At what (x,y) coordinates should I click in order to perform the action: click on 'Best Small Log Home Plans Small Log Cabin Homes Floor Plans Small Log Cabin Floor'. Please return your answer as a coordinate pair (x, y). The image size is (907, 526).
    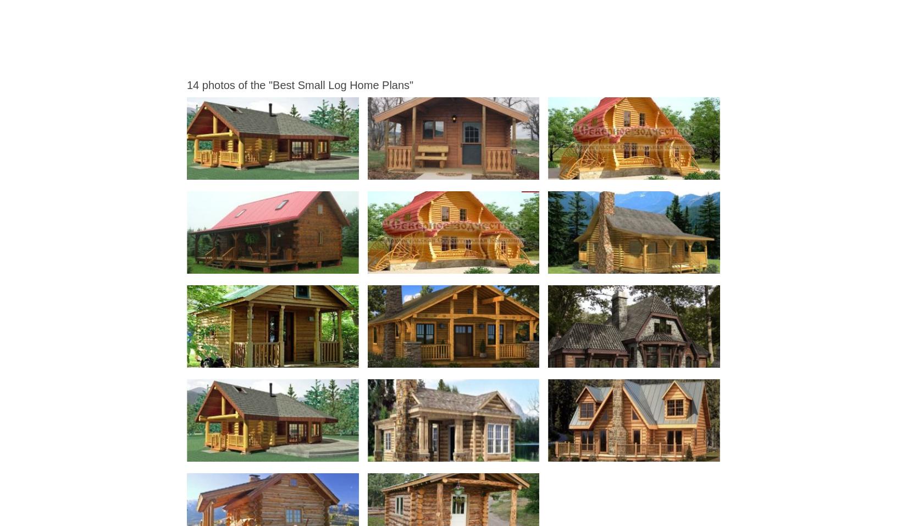
    Looking at the image, I should click on (679, 264).